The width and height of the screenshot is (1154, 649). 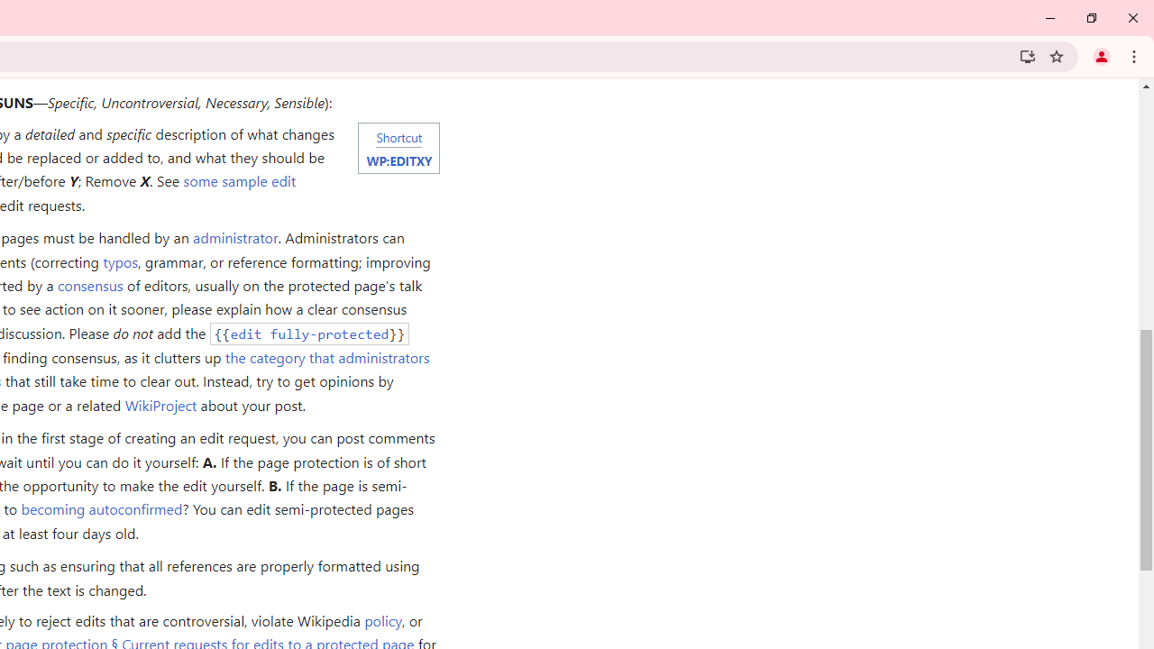 What do you see at coordinates (309, 334) in the screenshot?
I see `'edit fully-protected'` at bounding box center [309, 334].